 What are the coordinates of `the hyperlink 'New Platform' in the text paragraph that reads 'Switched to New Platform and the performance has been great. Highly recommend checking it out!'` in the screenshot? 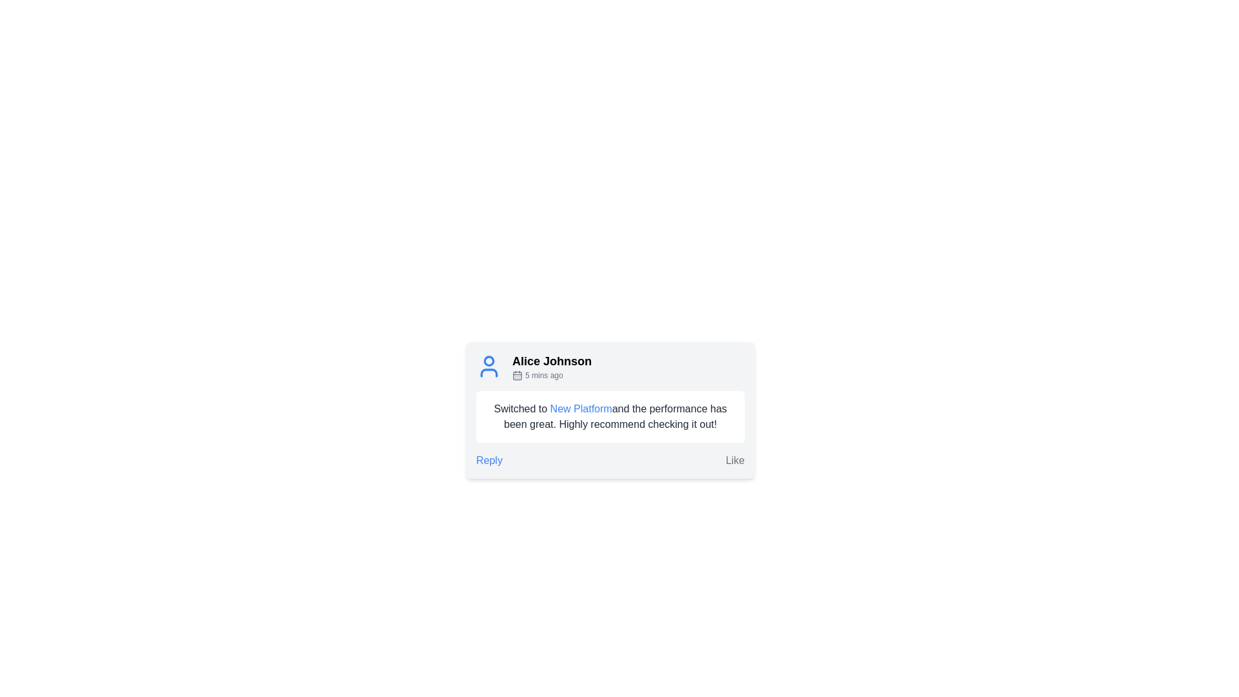 It's located at (609, 416).